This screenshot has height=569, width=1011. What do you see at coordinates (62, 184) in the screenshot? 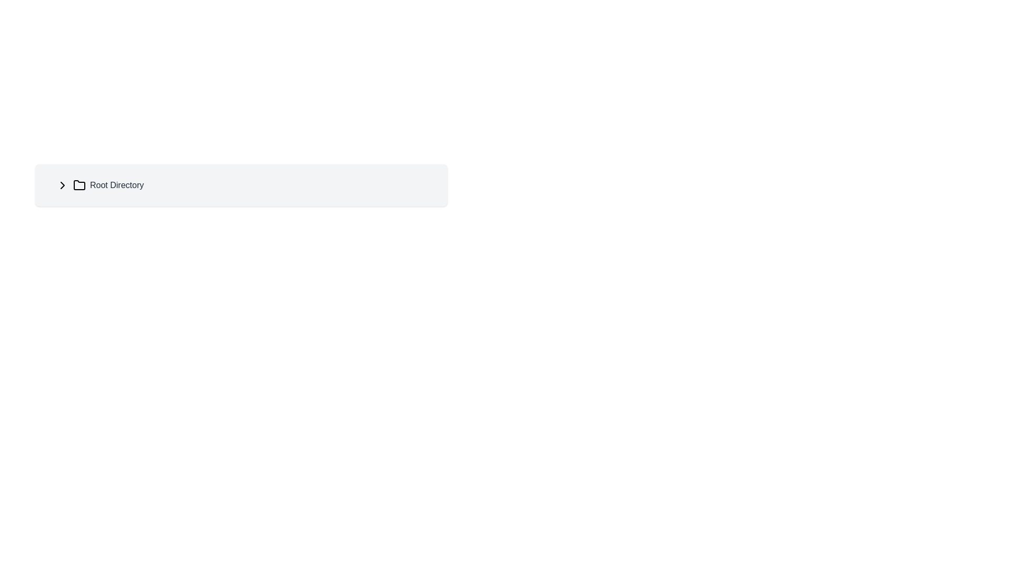
I see `the right-pointing chevron icon located to the left of the 'Root Directory' text label` at bounding box center [62, 184].